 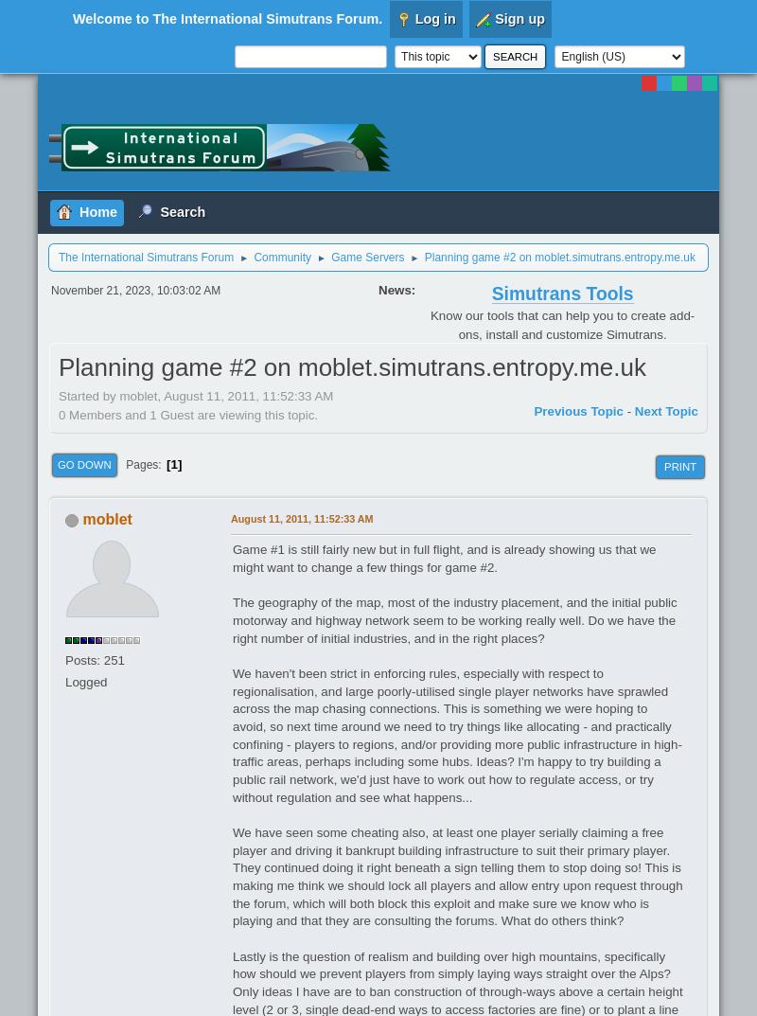 I want to click on '-', so click(x=627, y=410).